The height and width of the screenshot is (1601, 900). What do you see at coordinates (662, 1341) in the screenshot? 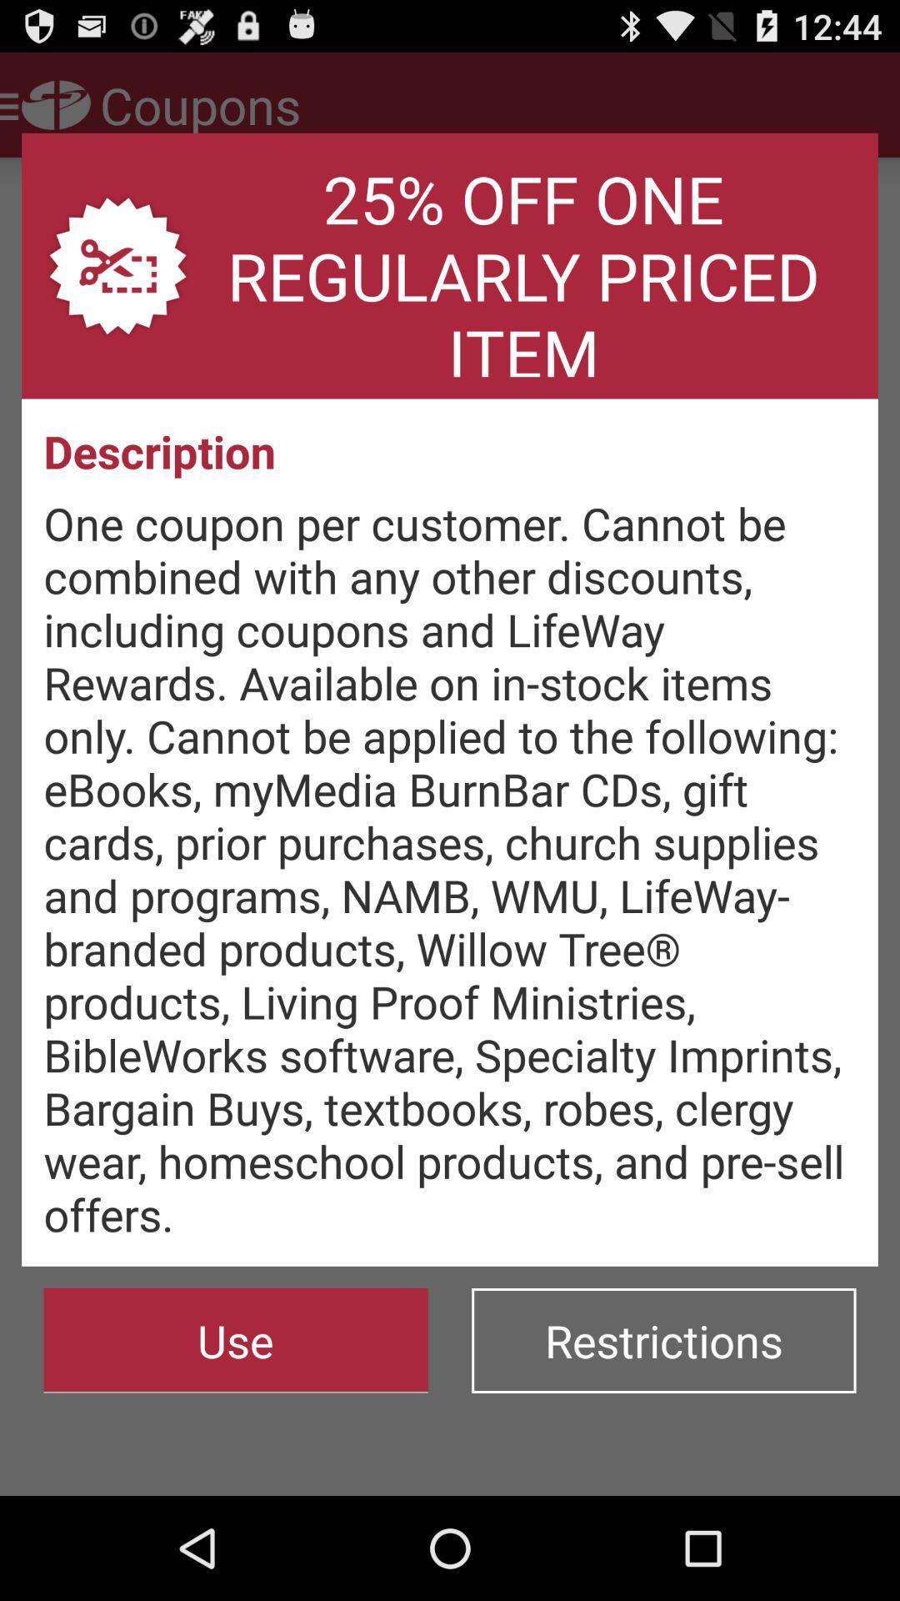
I see `the item next to the use` at bounding box center [662, 1341].